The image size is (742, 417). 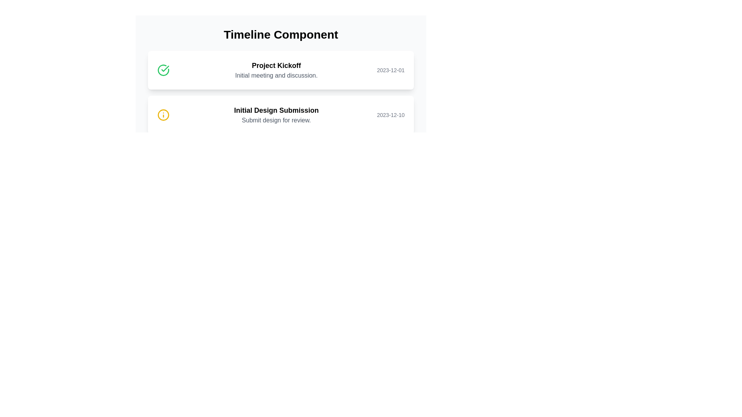 I want to click on the text label displaying 'Submit design for review.' situated below the title 'Initial Design Submission.', so click(x=276, y=120).